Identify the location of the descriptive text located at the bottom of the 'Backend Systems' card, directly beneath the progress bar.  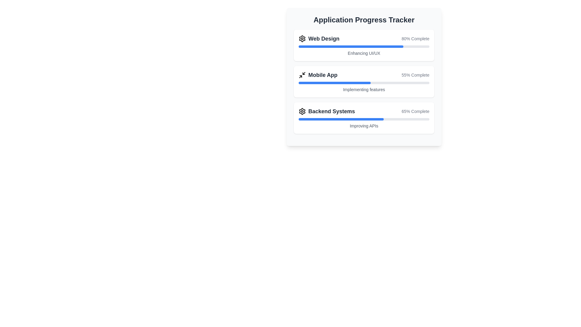
(364, 126).